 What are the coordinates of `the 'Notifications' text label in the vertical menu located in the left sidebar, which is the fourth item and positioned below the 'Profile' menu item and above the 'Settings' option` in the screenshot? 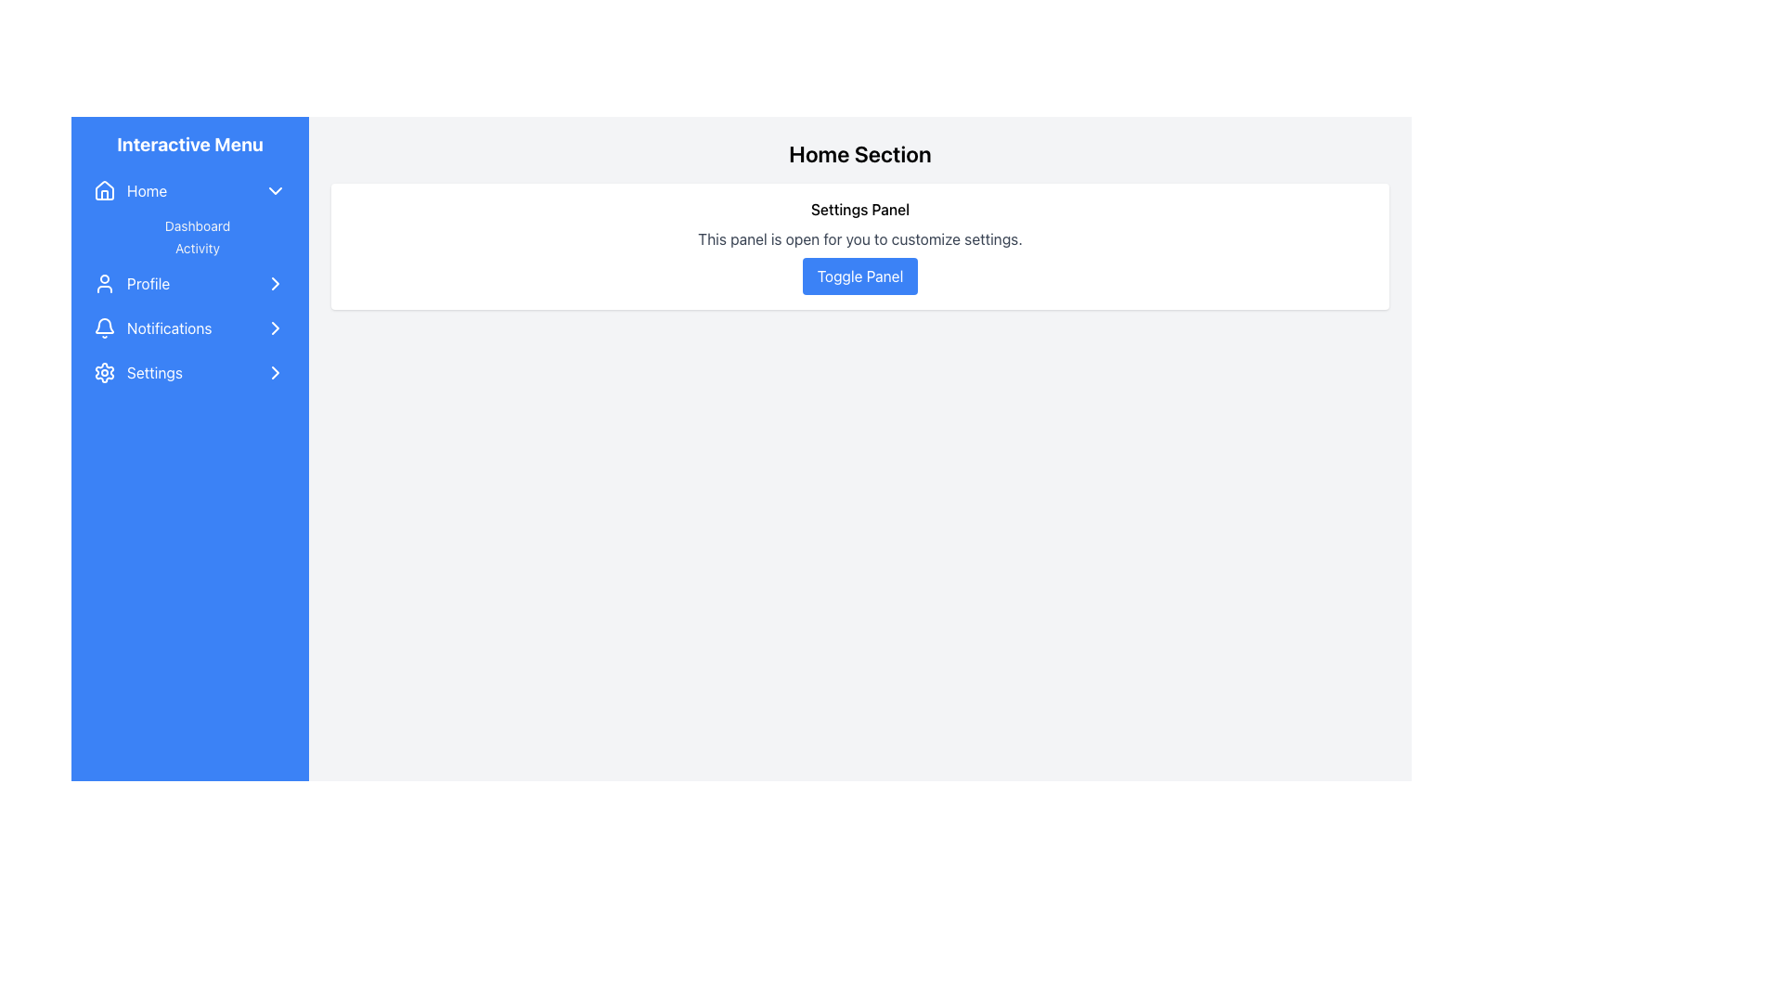 It's located at (169, 328).